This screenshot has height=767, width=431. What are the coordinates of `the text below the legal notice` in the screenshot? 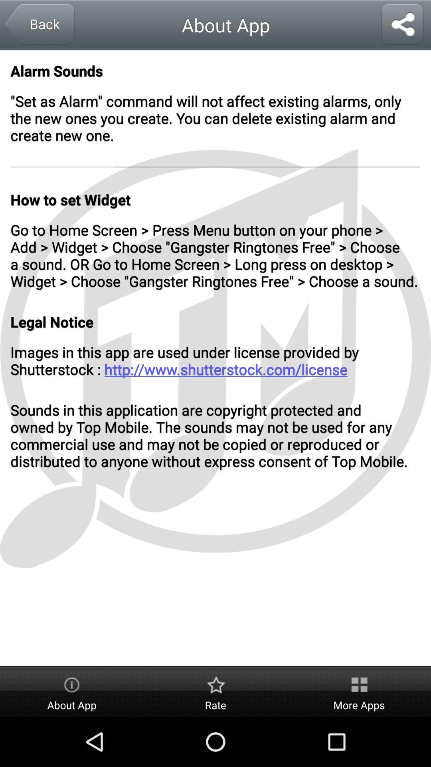 It's located at (215, 360).